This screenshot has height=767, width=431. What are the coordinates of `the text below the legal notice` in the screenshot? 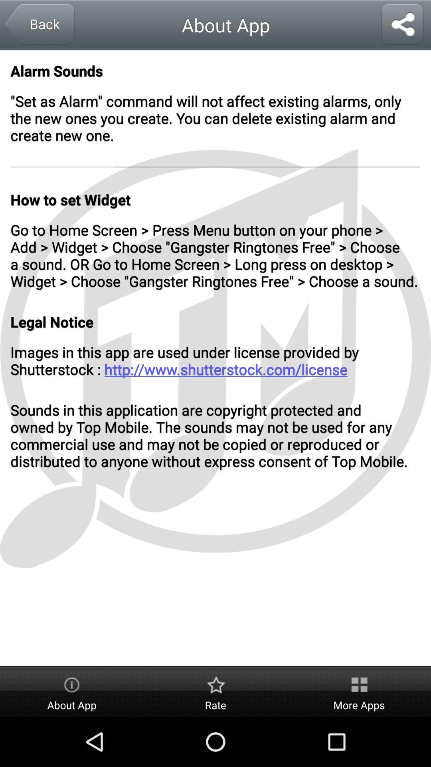 It's located at (215, 360).